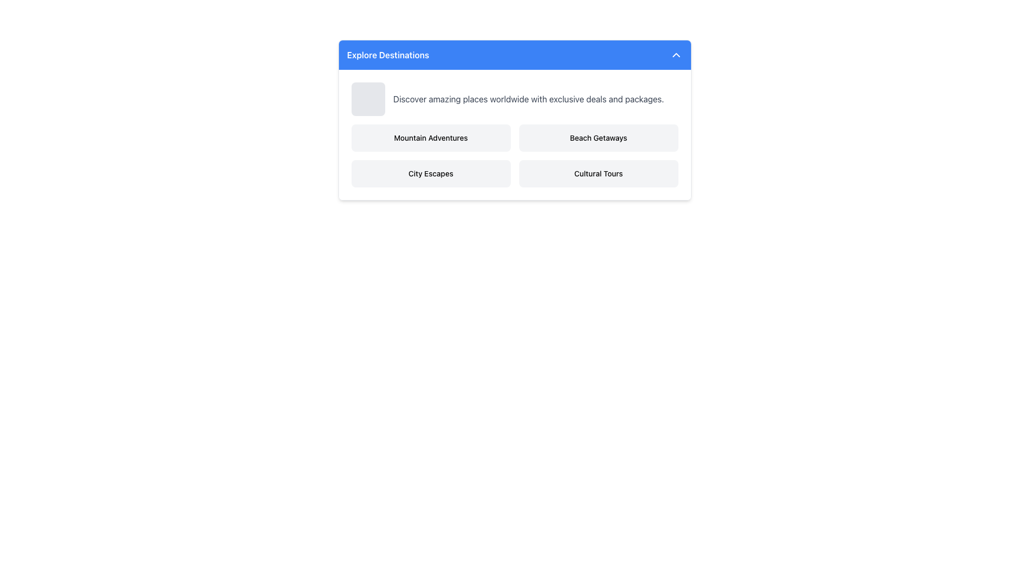 This screenshot has height=567, width=1009. What do you see at coordinates (431, 137) in the screenshot?
I see `the 'Mountain Adventures' text label, which is a bold text aligned left within a light gray background box, located in the 'Explore Destinations' section above 'City Escapes'` at bounding box center [431, 137].